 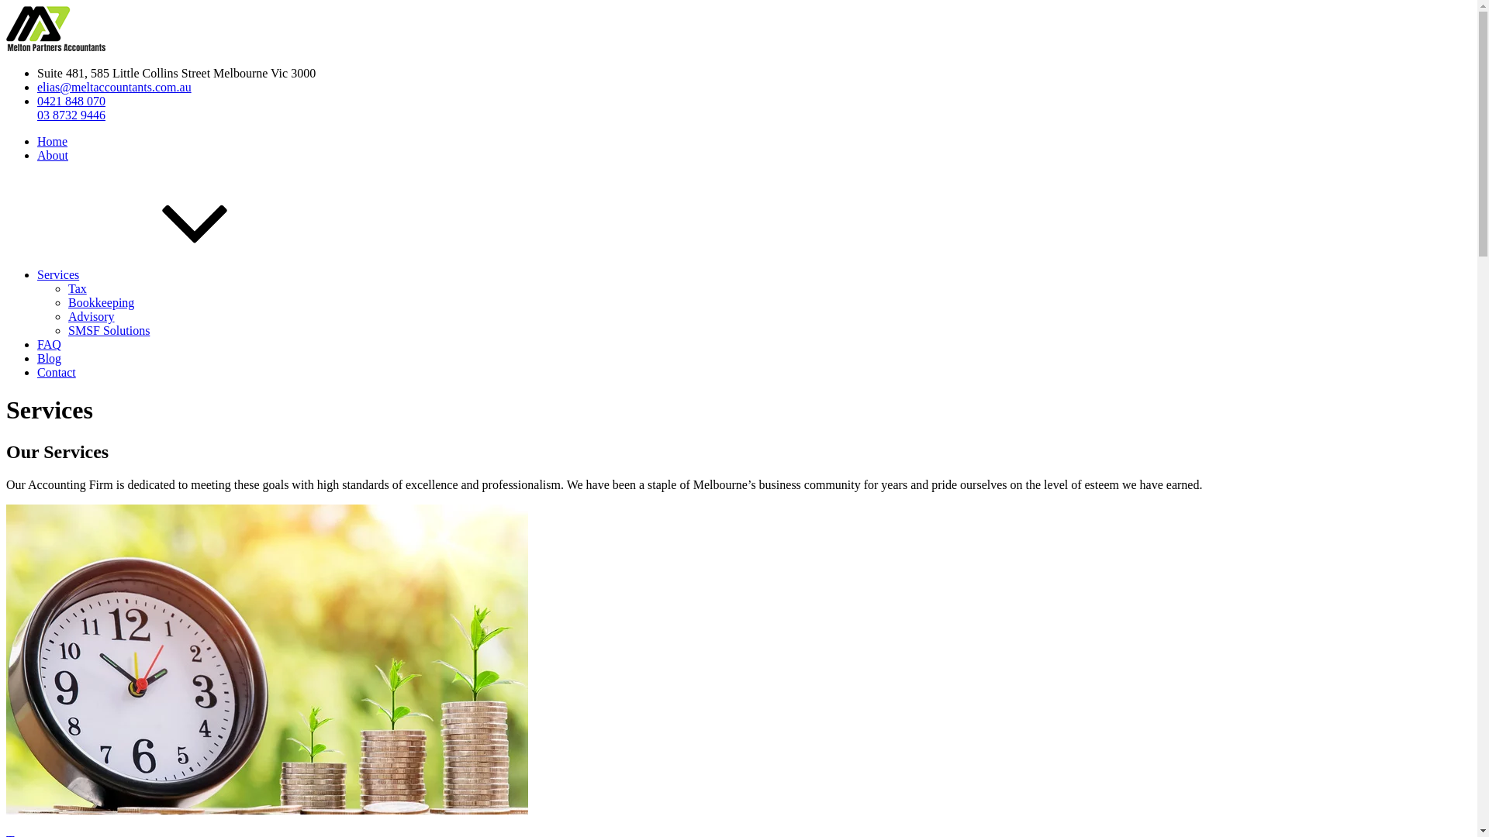 What do you see at coordinates (70, 114) in the screenshot?
I see `'03 8732 9446'` at bounding box center [70, 114].